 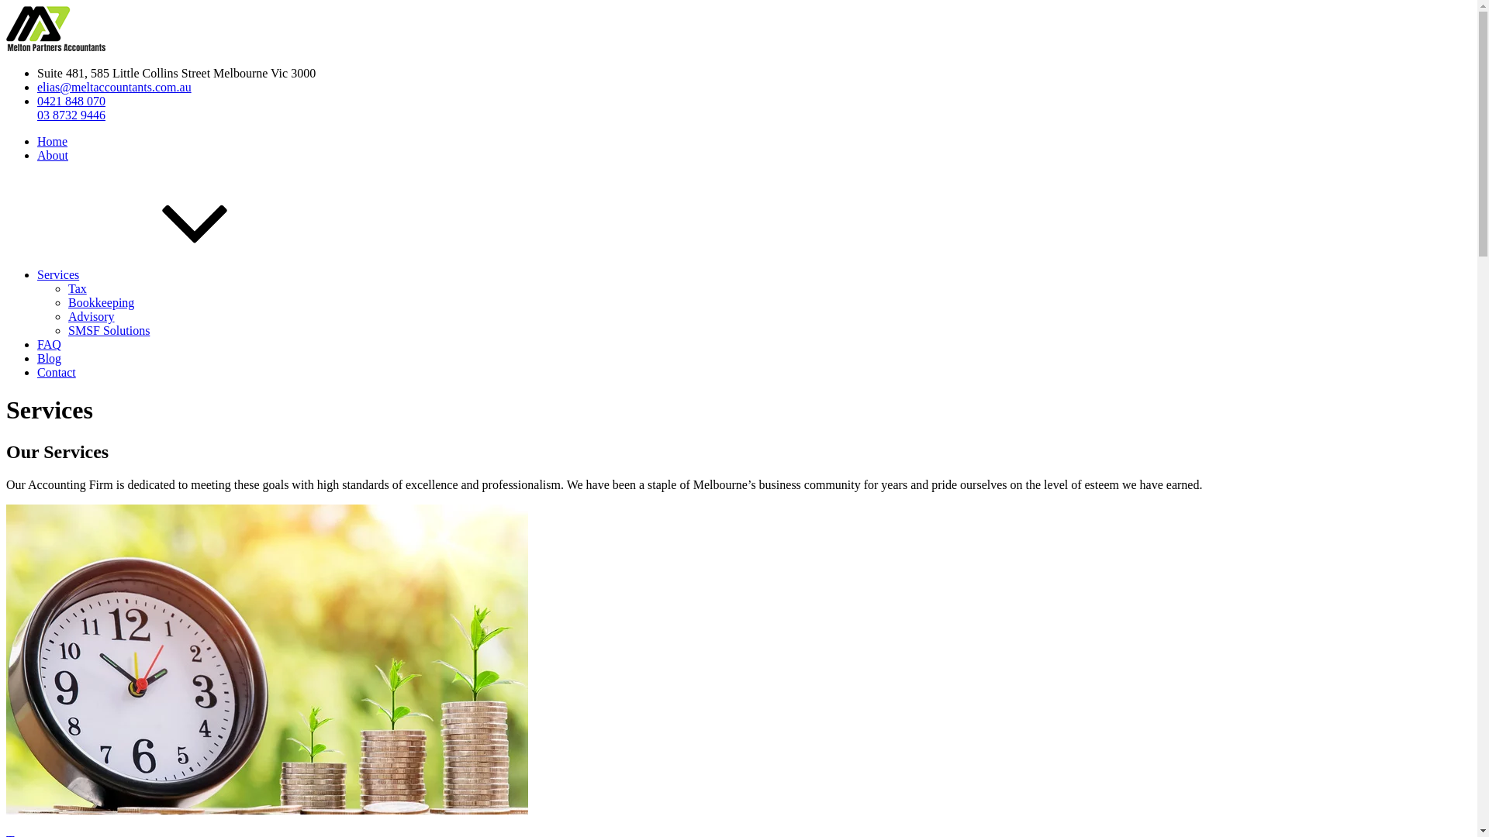 What do you see at coordinates (70, 114) in the screenshot?
I see `'03 8732 9446'` at bounding box center [70, 114].